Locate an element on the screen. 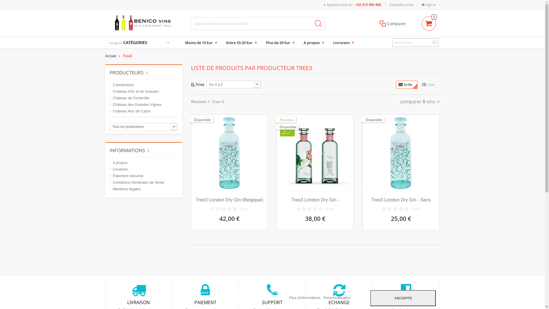 The image size is (549, 309). 'INFORMATIONS' is located at coordinates (129, 150).